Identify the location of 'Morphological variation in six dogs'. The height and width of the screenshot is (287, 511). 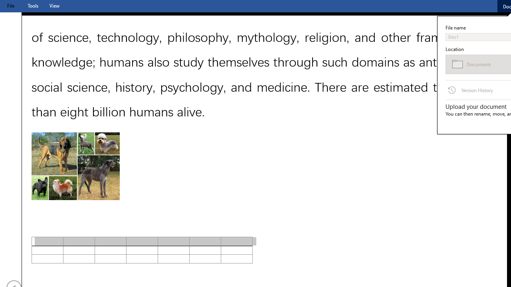
(75, 165).